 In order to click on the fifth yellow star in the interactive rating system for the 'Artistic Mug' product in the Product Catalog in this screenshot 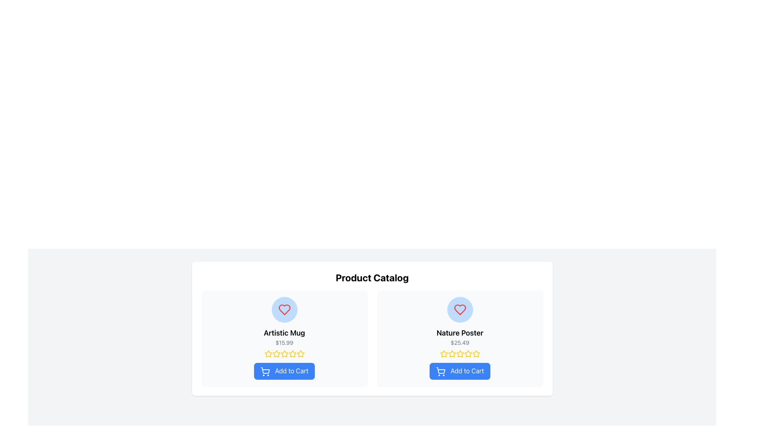, I will do `click(300, 353)`.